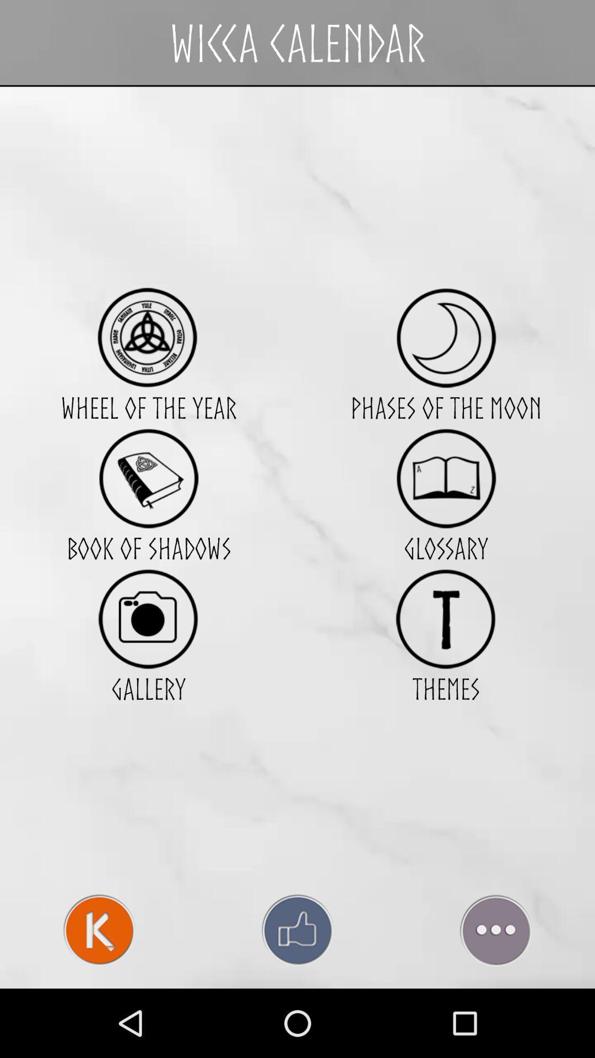 This screenshot has width=595, height=1058. What do you see at coordinates (148, 619) in the screenshot?
I see `the item next to the glossary item` at bounding box center [148, 619].